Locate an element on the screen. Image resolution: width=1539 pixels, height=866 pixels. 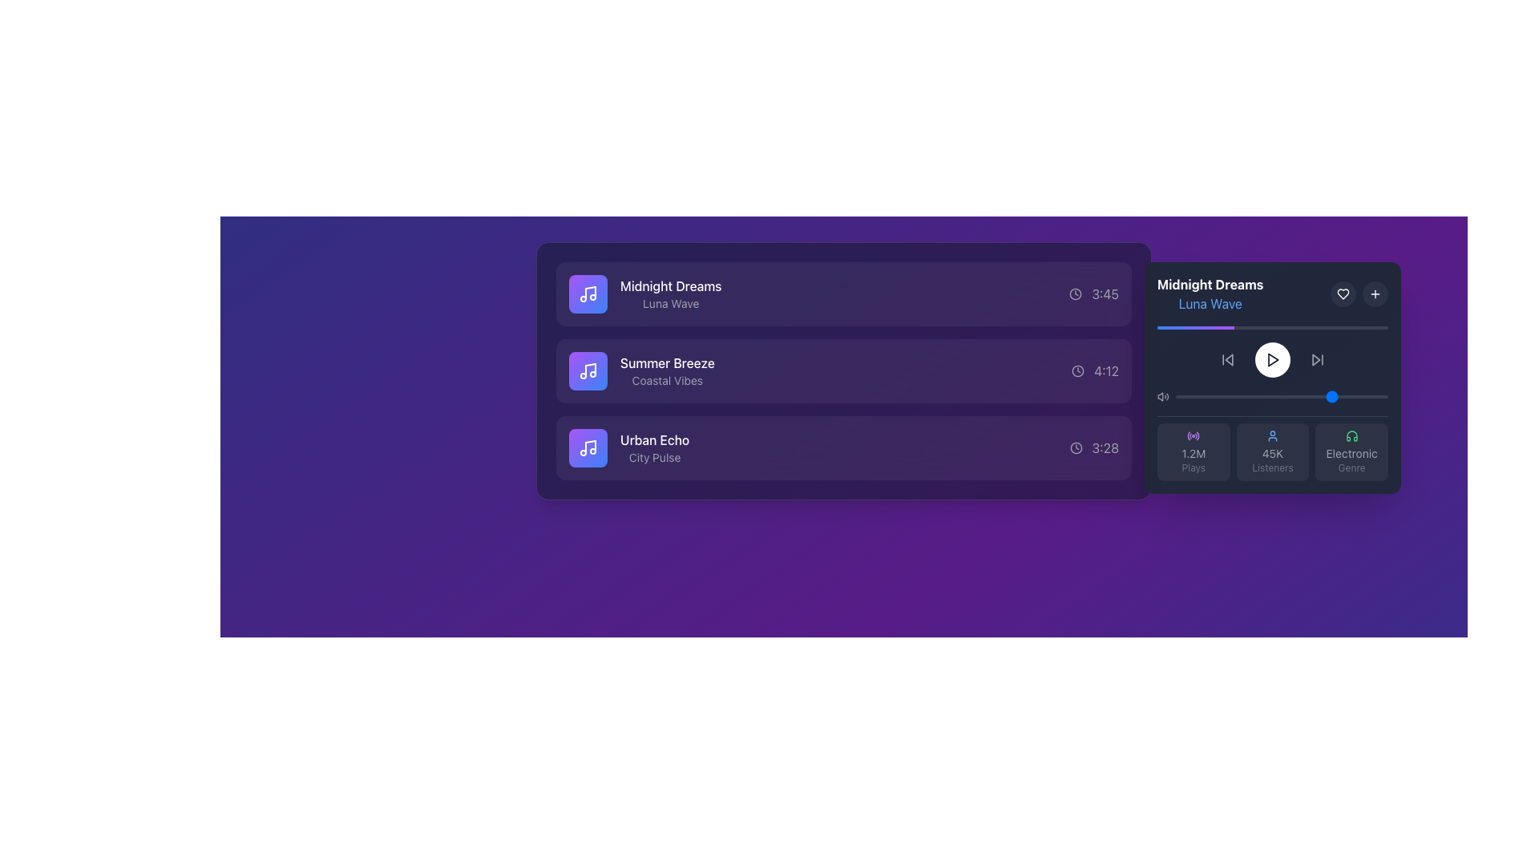
the informational block displaying '45K' listeners, which is located in the second position of a three-block grid at the bottom of the right panel, between '1.2M Plays' and 'Electronic Genre' is located at coordinates (1272, 448).